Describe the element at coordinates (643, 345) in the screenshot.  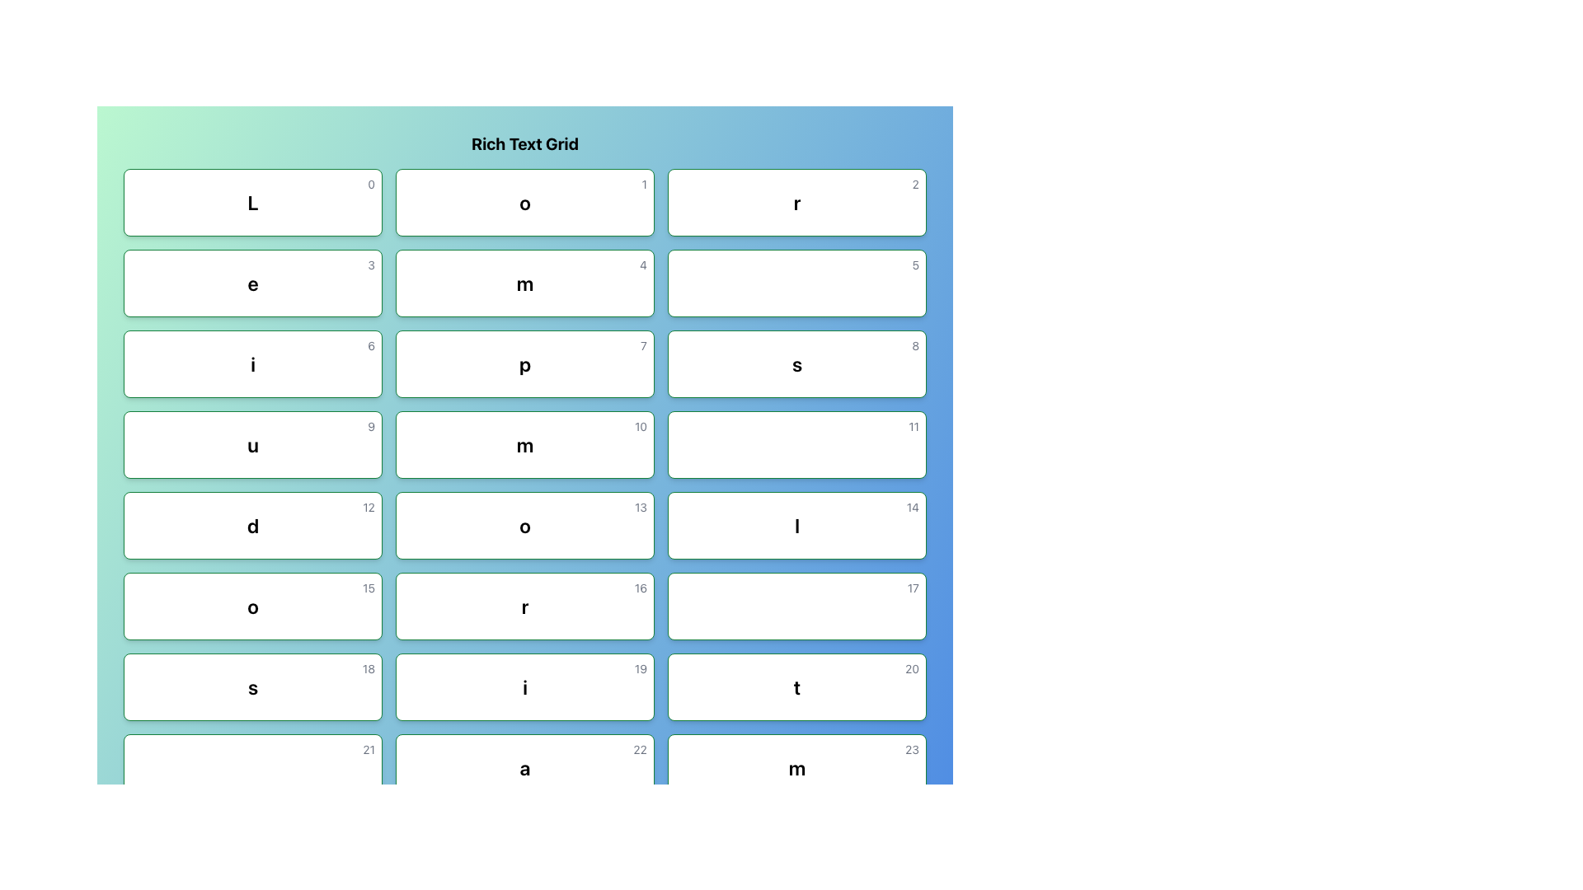
I see `the Static Text Label displaying the number '7', located in the top-right corner of a card labeled 'p'` at that location.